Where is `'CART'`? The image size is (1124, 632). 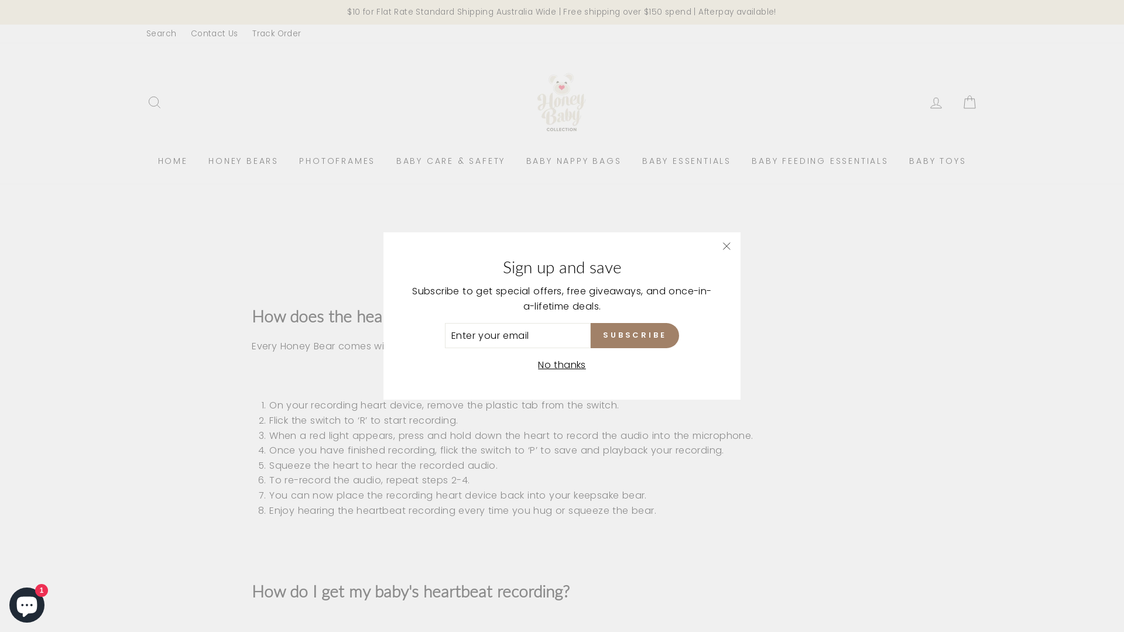
'CART' is located at coordinates (969, 102).